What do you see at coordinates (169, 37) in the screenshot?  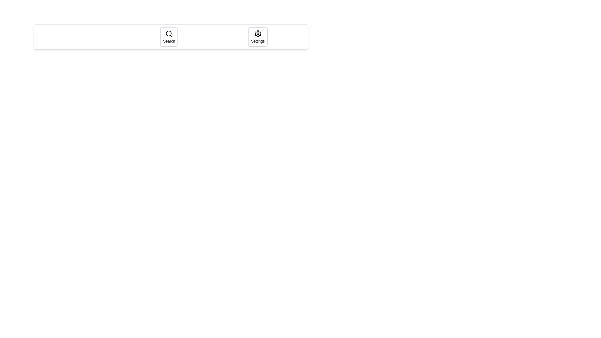 I see `the button with a magnifying glass icon and 'Search' text, located` at bounding box center [169, 37].